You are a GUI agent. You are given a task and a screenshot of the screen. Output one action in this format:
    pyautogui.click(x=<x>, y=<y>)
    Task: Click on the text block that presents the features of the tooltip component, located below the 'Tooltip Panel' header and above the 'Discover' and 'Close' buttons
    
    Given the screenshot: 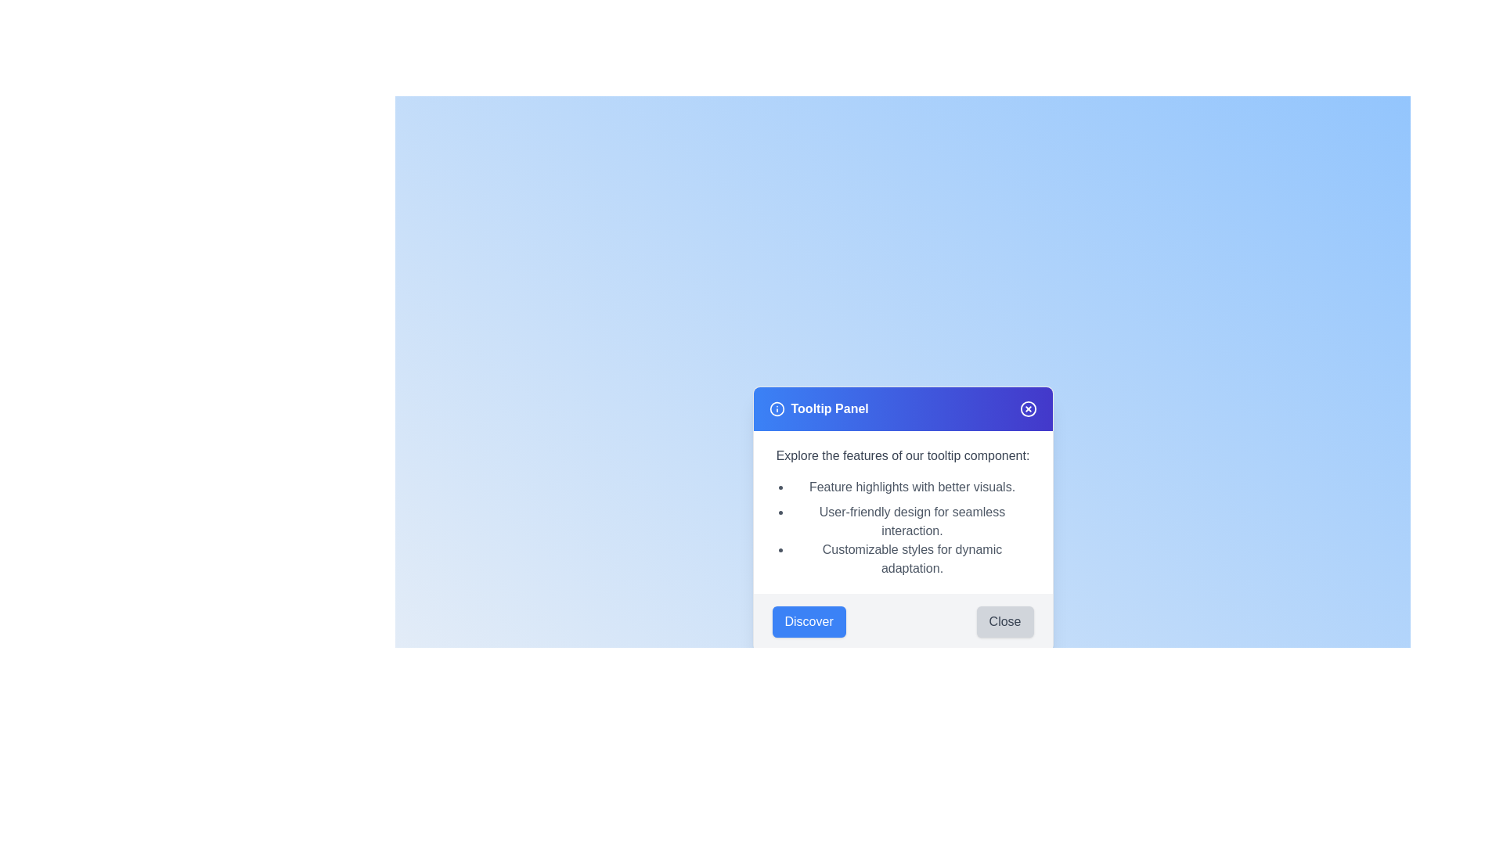 What is the action you would take?
    pyautogui.click(x=903, y=512)
    